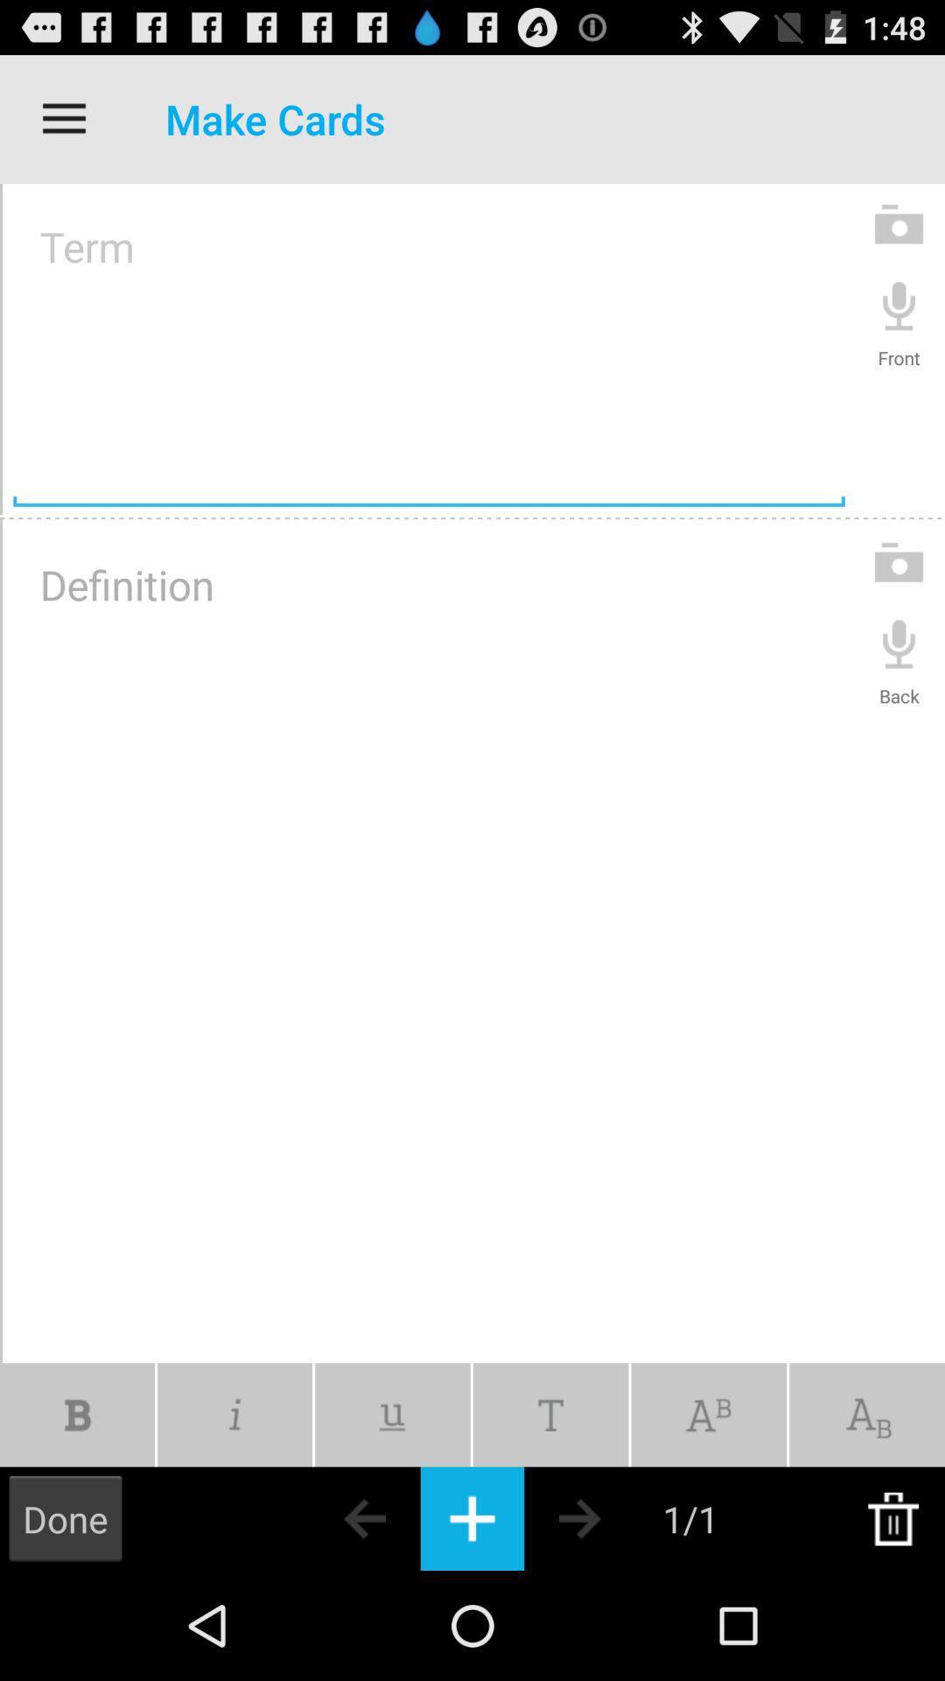 The image size is (945, 1681). What do you see at coordinates (76, 1415) in the screenshot?
I see `item above done icon` at bounding box center [76, 1415].